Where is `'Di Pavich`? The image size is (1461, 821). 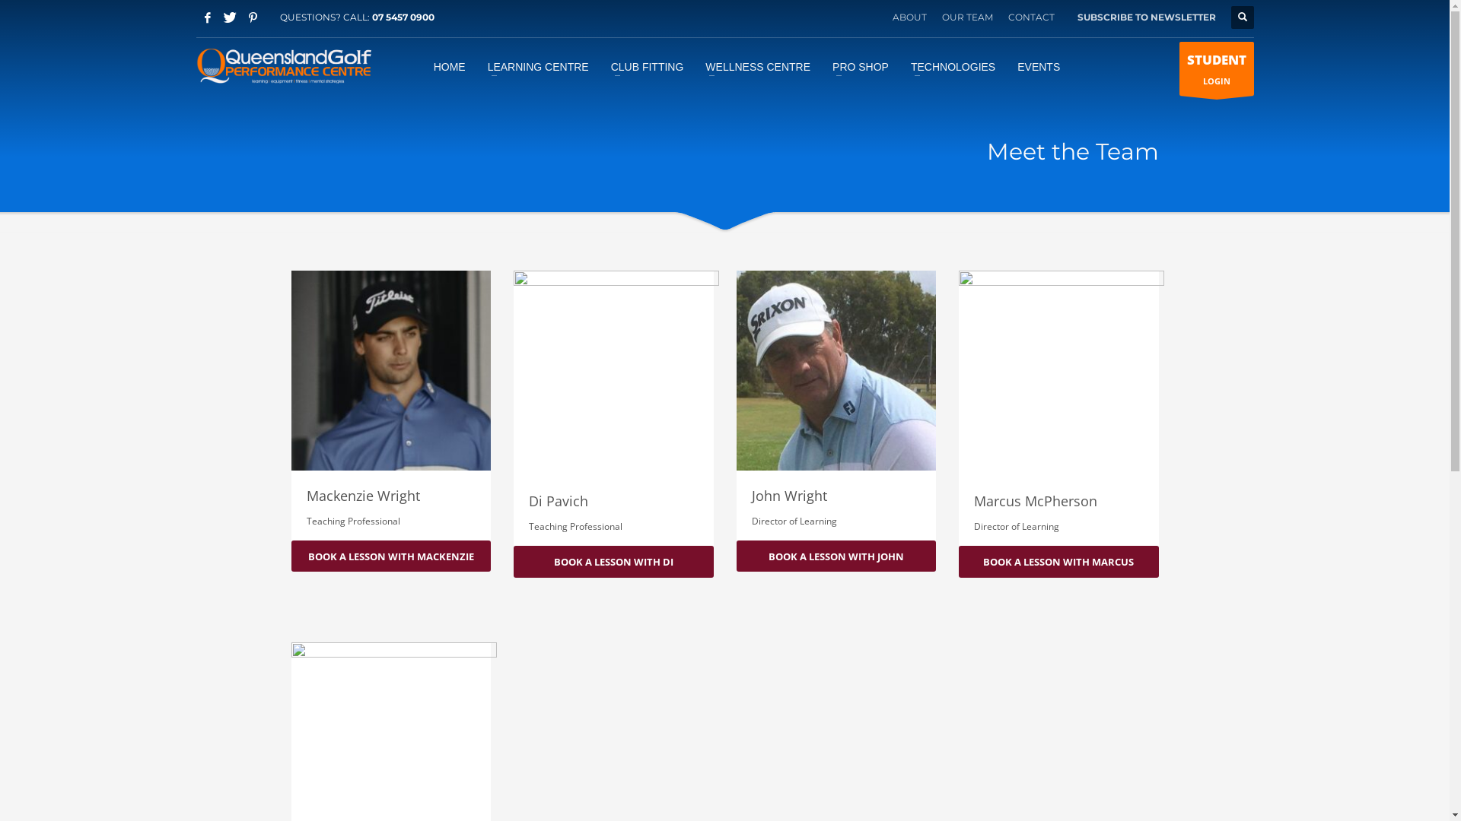 'Di Pavich is located at coordinates (613, 407).